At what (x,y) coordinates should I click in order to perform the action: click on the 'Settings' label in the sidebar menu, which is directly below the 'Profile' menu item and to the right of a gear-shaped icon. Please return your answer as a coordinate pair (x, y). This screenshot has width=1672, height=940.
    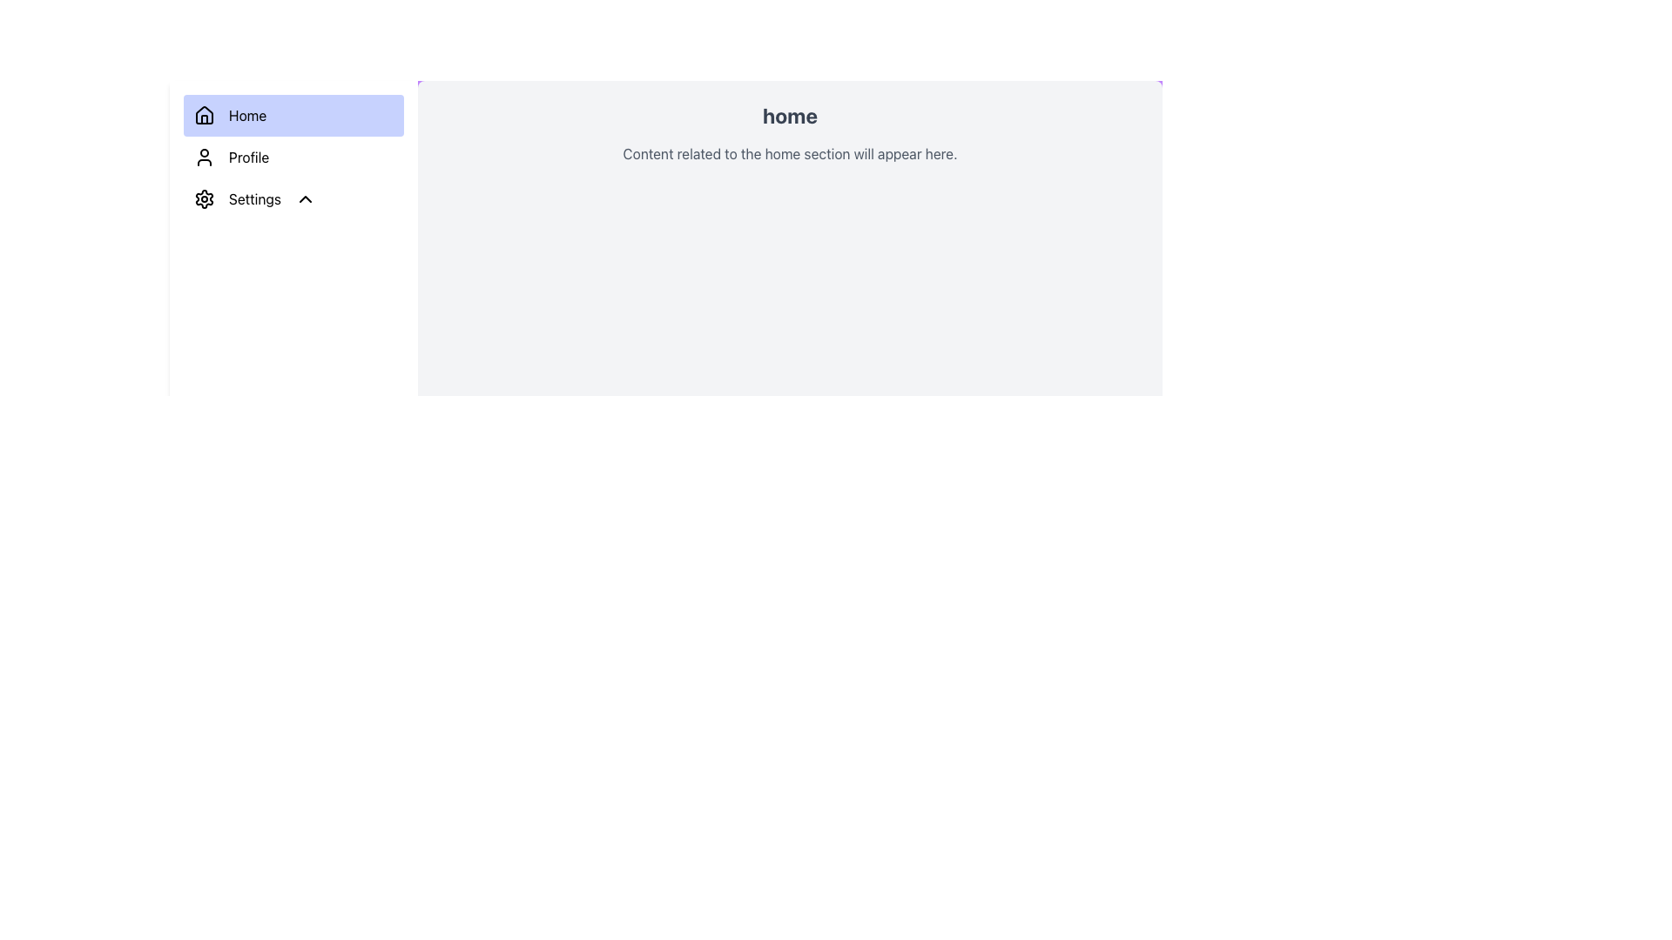
    Looking at the image, I should click on (253, 198).